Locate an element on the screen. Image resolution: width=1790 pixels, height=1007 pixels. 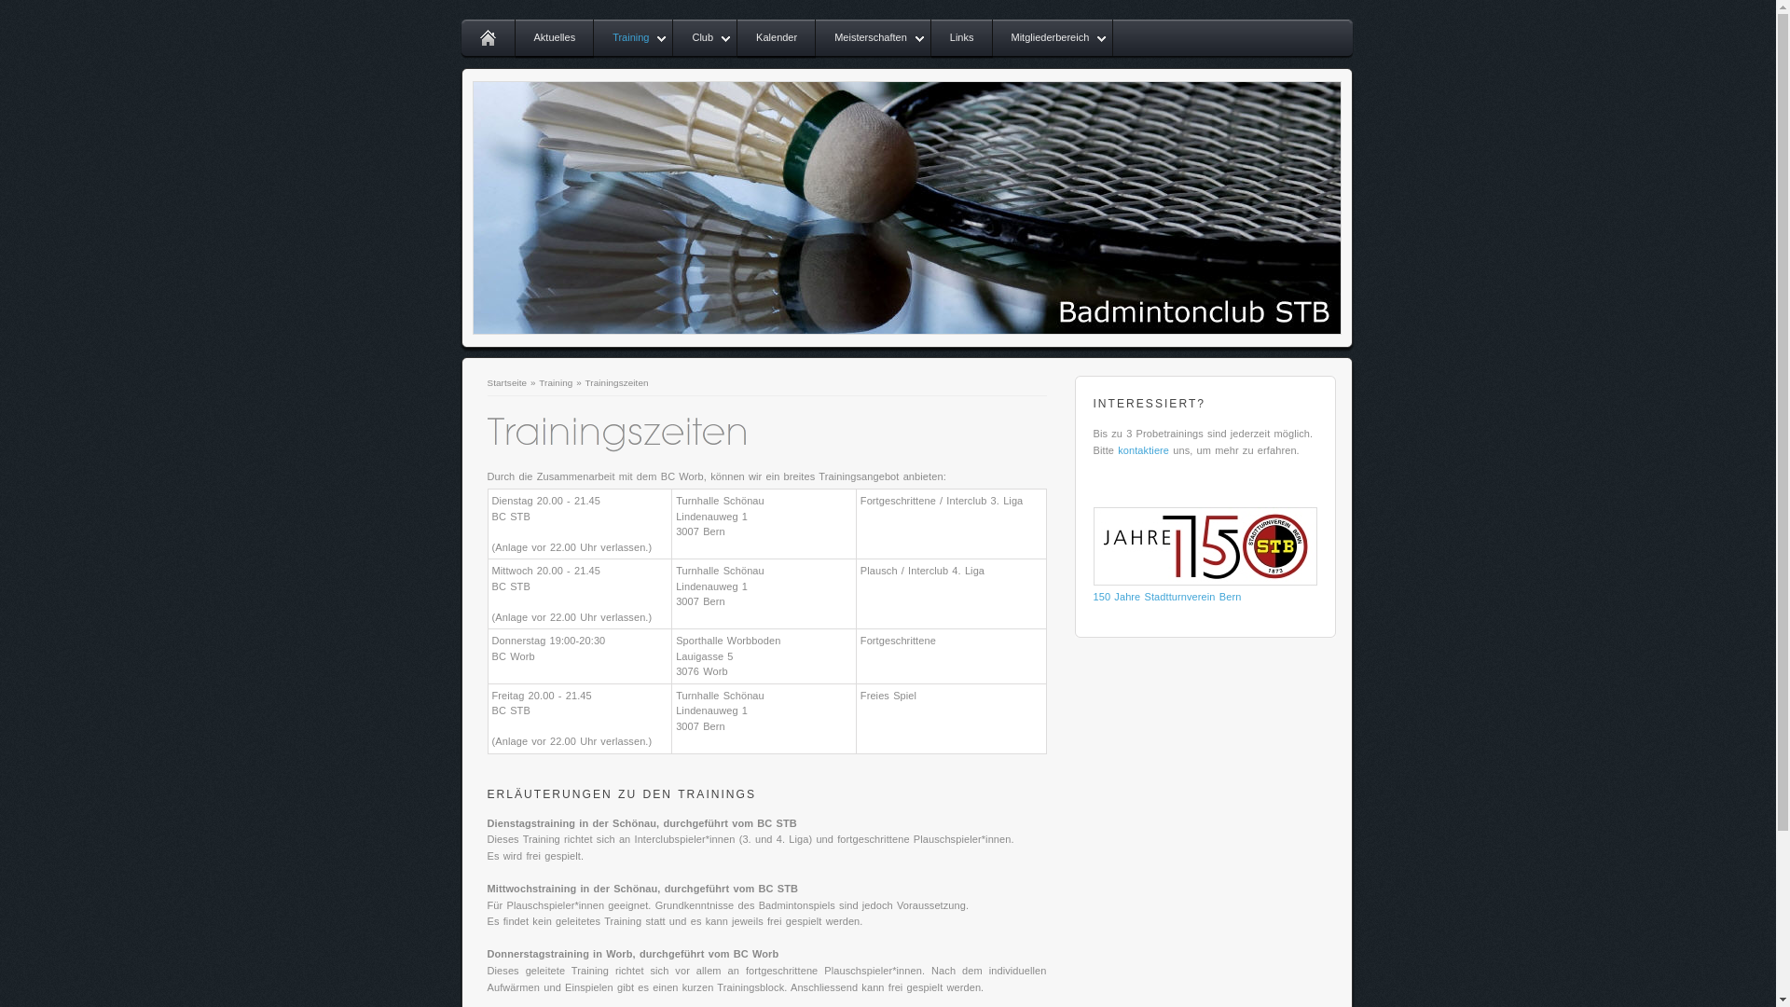
'Aktuelles' is located at coordinates (553, 38).